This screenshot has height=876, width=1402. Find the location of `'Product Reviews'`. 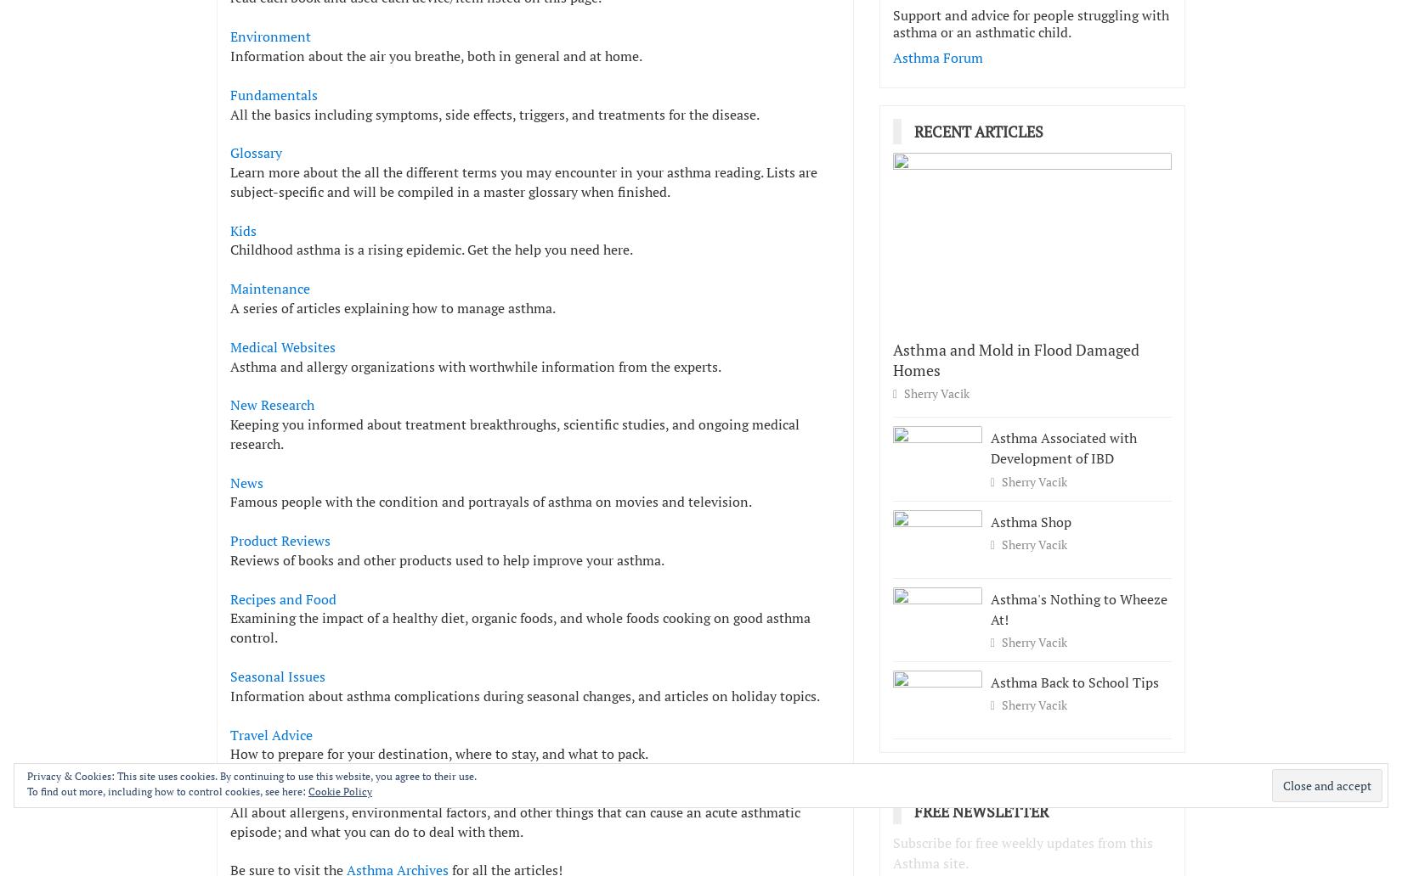

'Product Reviews' is located at coordinates (229, 540).